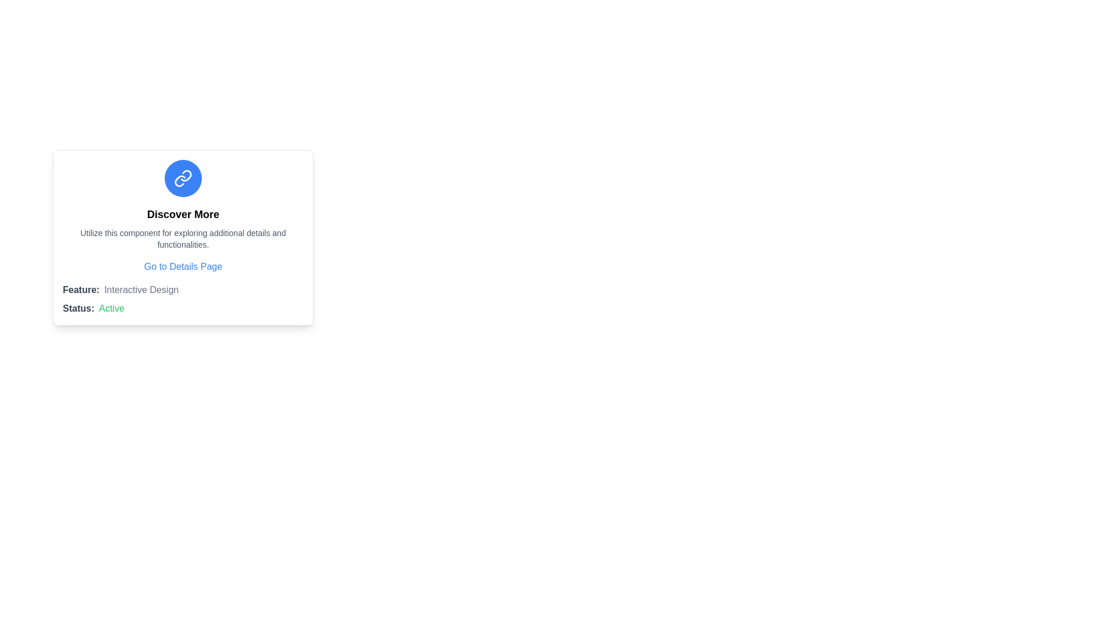 Image resolution: width=1117 pixels, height=628 pixels. I want to click on the circular blue button with a white link chain icon located above the 'Discover More' heading, so click(183, 179).